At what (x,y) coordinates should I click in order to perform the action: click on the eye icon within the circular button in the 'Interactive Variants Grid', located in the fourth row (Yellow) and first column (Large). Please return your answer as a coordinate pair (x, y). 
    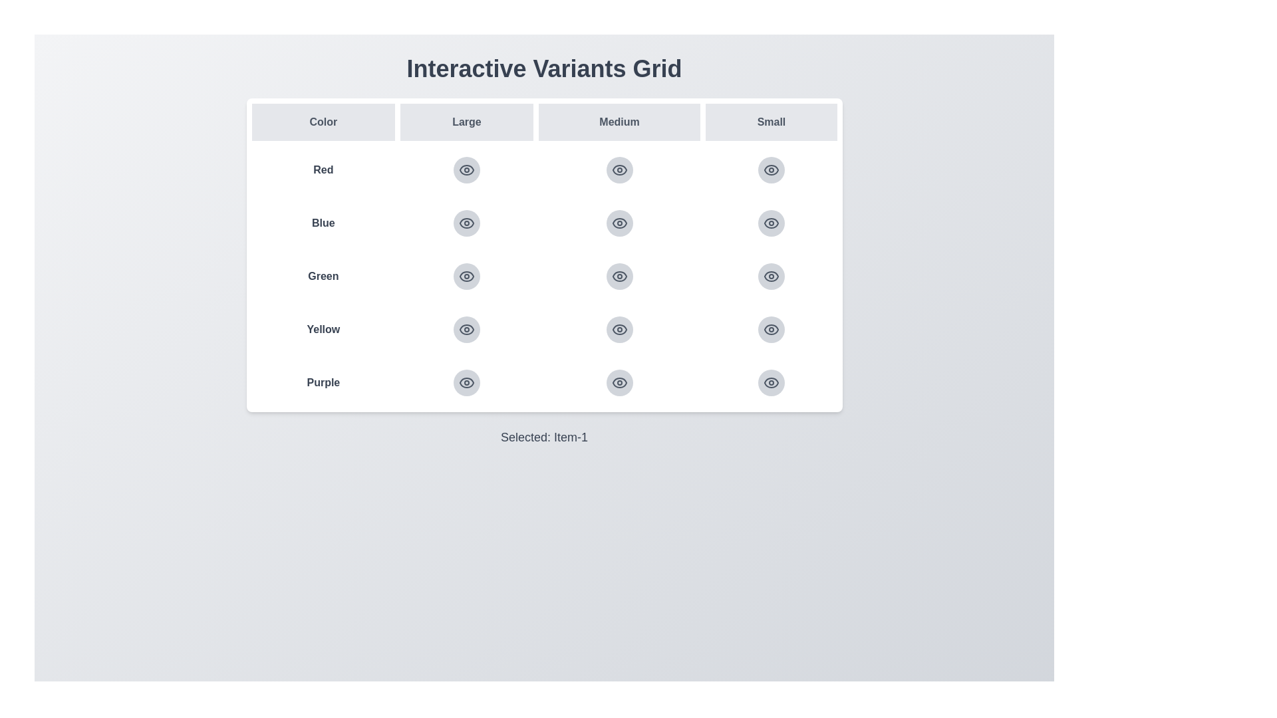
    Looking at the image, I should click on (466, 329).